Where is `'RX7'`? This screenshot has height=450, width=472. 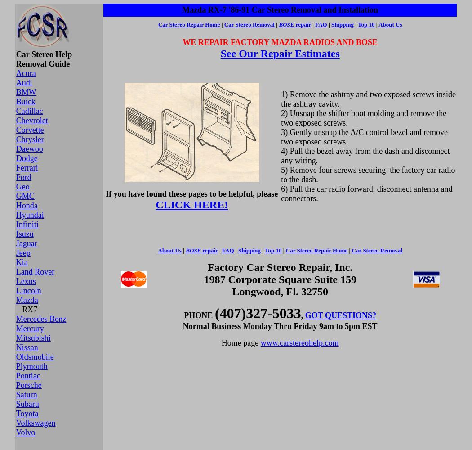 'RX7' is located at coordinates (26, 310).